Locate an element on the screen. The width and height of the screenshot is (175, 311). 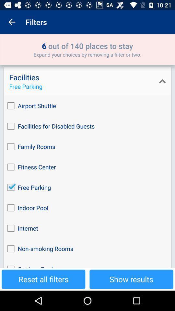
the family rooms checkbox is located at coordinates (87, 146).